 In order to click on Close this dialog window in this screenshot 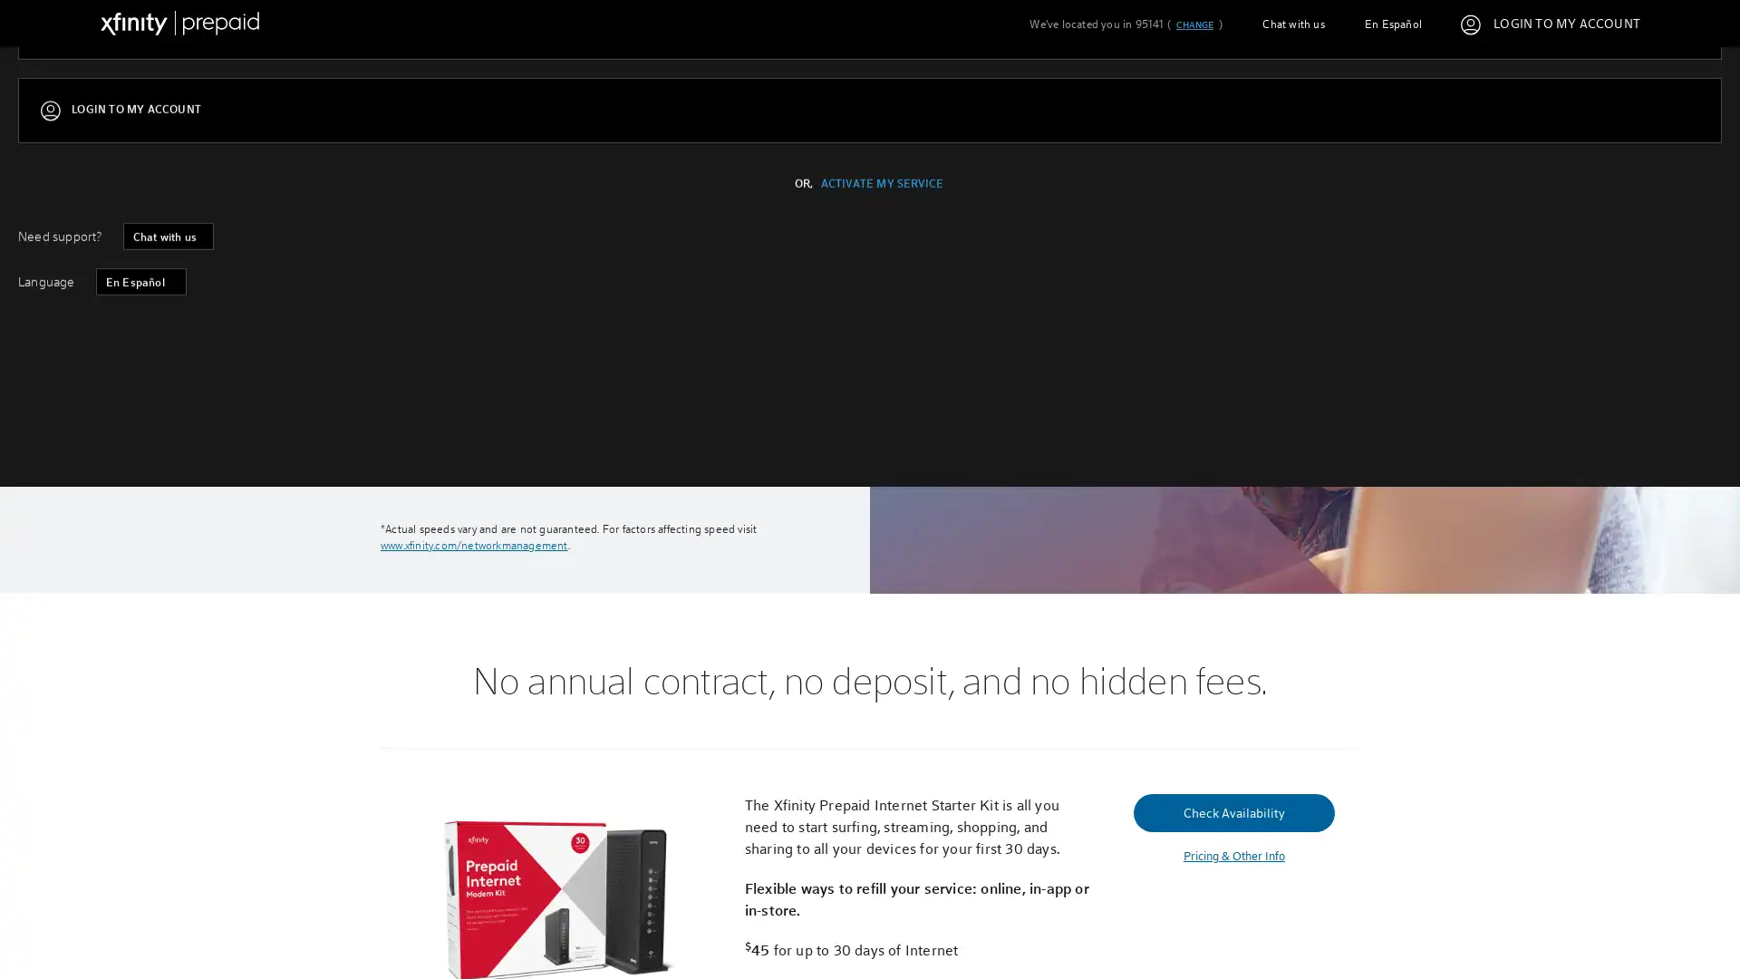, I will do `click(1213, 421)`.